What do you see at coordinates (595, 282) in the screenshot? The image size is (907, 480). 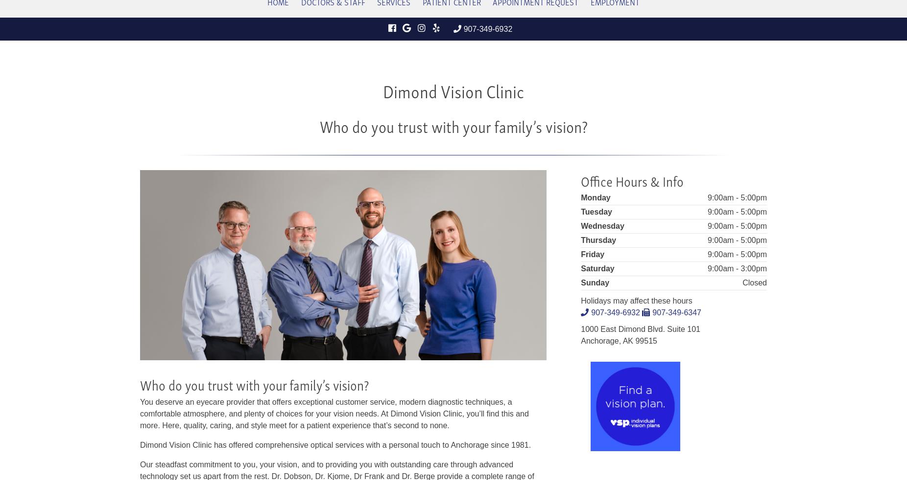 I see `'Sunday'` at bounding box center [595, 282].